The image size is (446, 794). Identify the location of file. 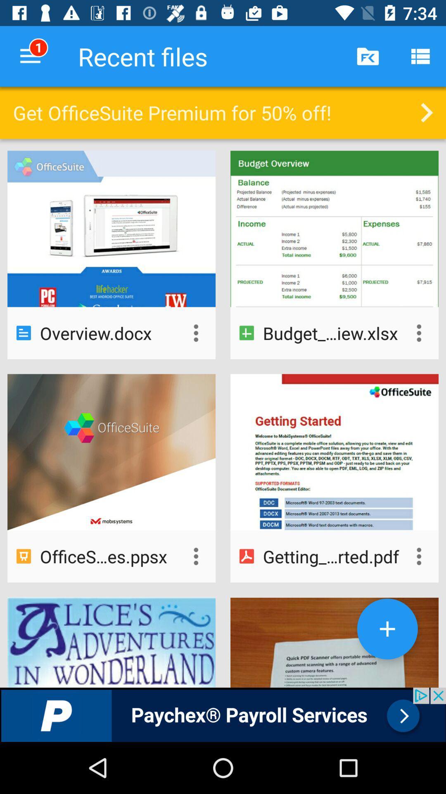
(387, 629).